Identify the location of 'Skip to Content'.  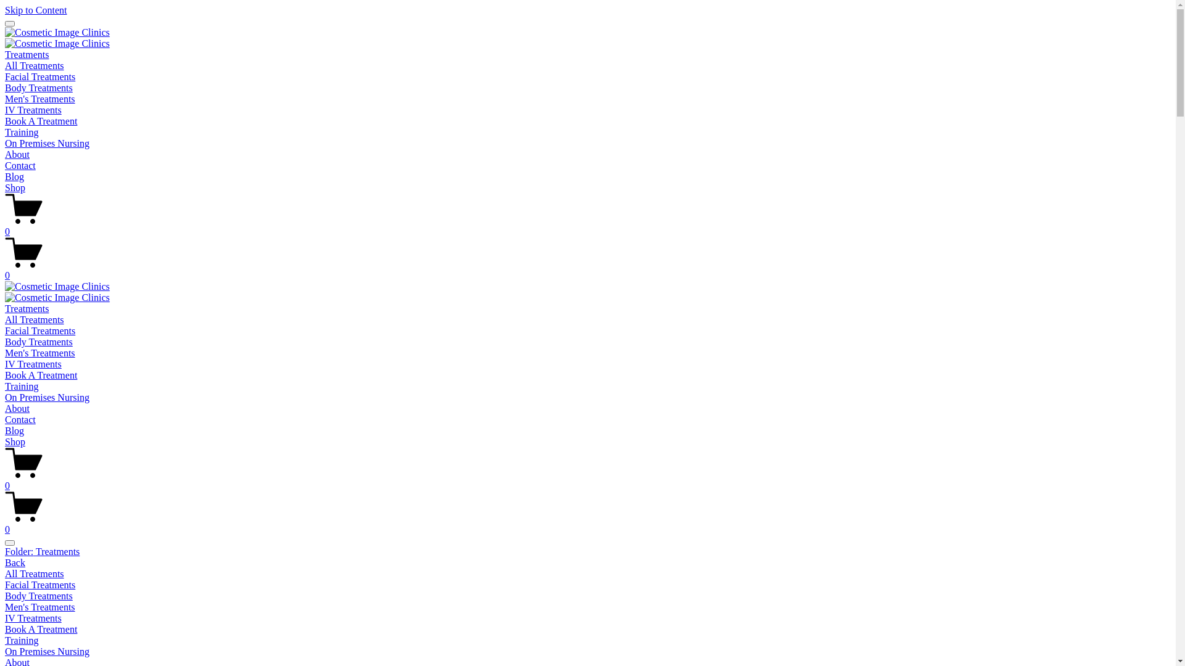
(35, 10).